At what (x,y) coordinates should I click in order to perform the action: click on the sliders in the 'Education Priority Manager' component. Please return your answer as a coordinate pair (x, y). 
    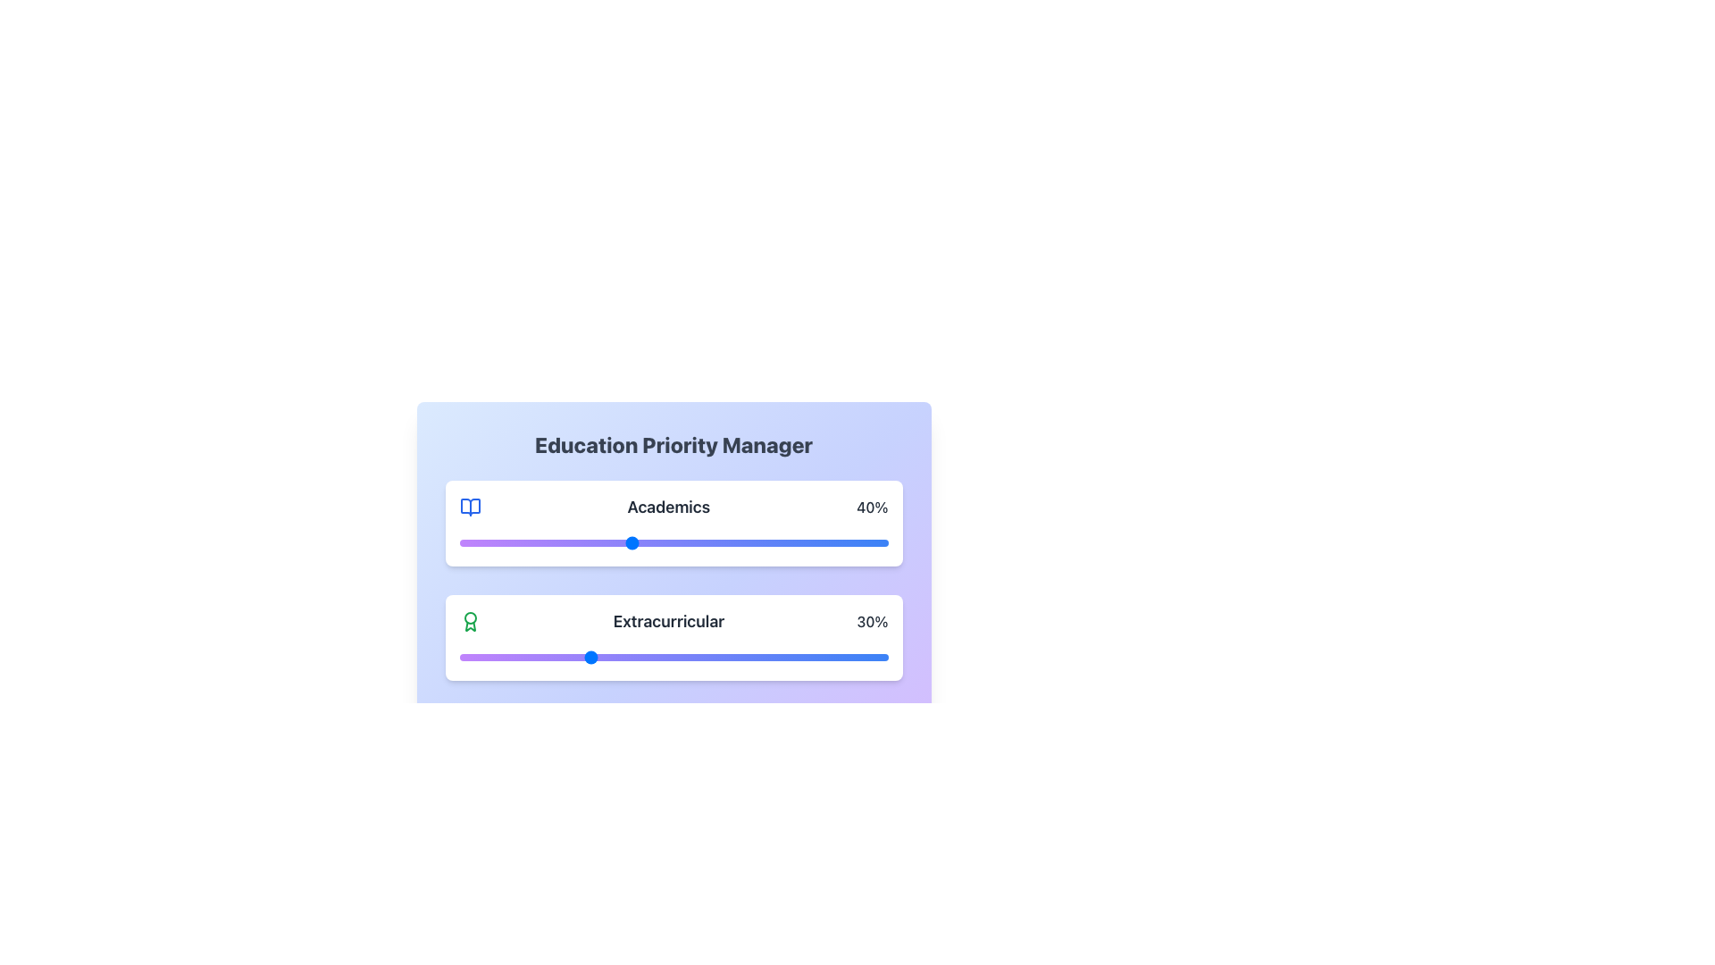
    Looking at the image, I should click on (673, 541).